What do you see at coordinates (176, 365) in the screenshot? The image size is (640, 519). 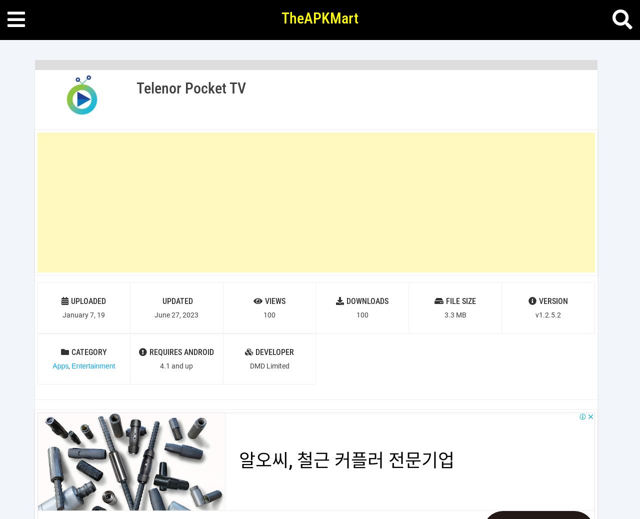 I see `'4.1 and up'` at bounding box center [176, 365].